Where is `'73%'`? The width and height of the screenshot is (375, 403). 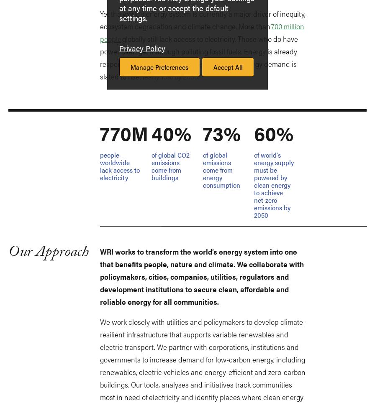 '73%' is located at coordinates (203, 133).